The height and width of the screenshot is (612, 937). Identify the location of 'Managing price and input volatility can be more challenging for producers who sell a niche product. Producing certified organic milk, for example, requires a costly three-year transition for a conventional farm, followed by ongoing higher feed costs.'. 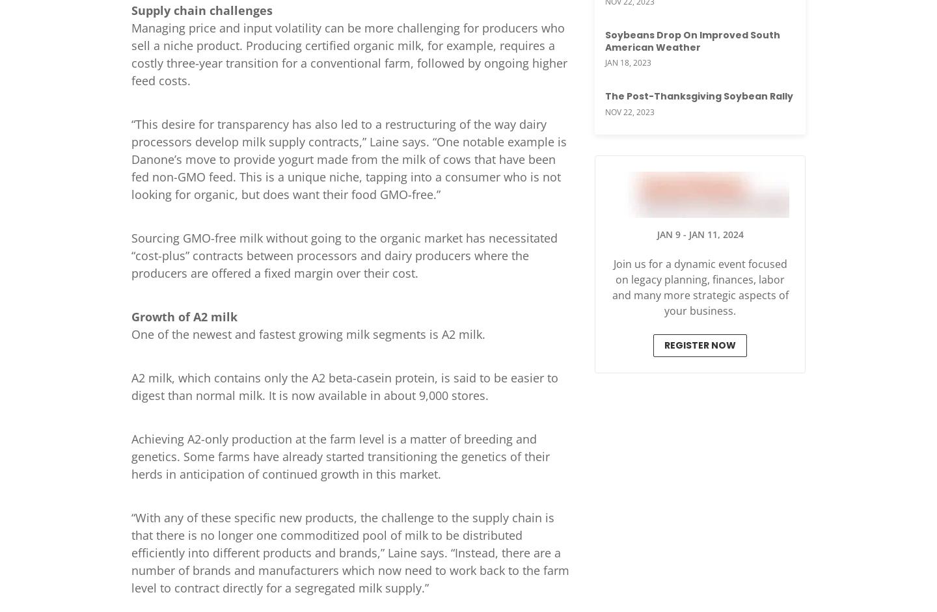
(348, 53).